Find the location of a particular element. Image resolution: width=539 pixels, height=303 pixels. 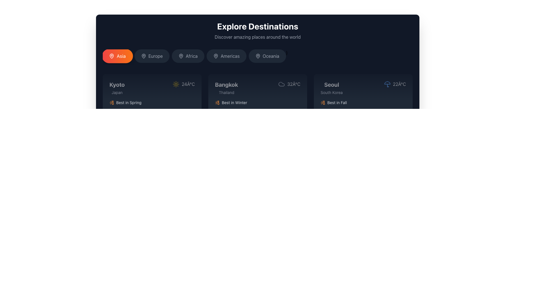

the text label displaying 'Japan', which is styled in gray and located below the bold white 'Kyoto' text in the first card of the destination cards is located at coordinates (117, 92).